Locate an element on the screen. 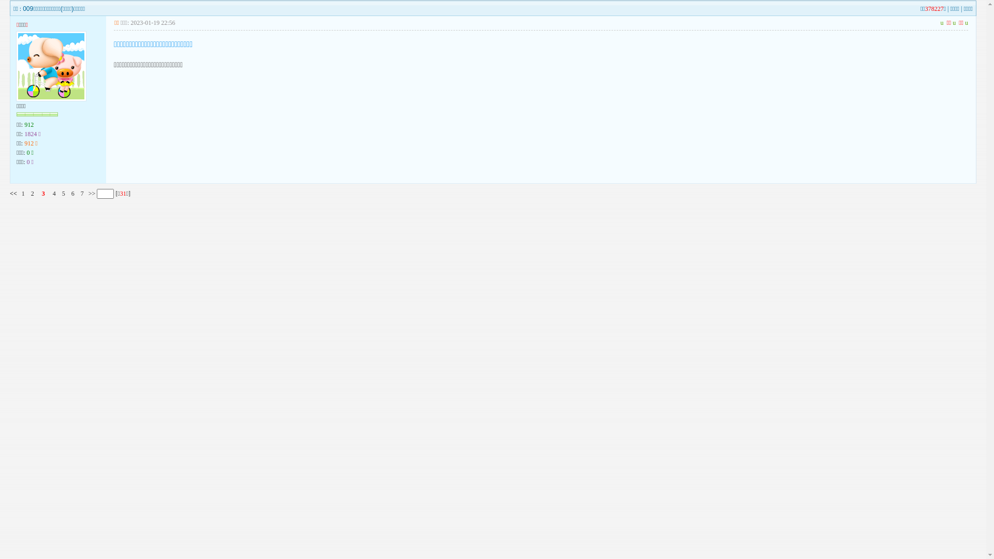 The height and width of the screenshot is (559, 994). '2' is located at coordinates (32, 194).